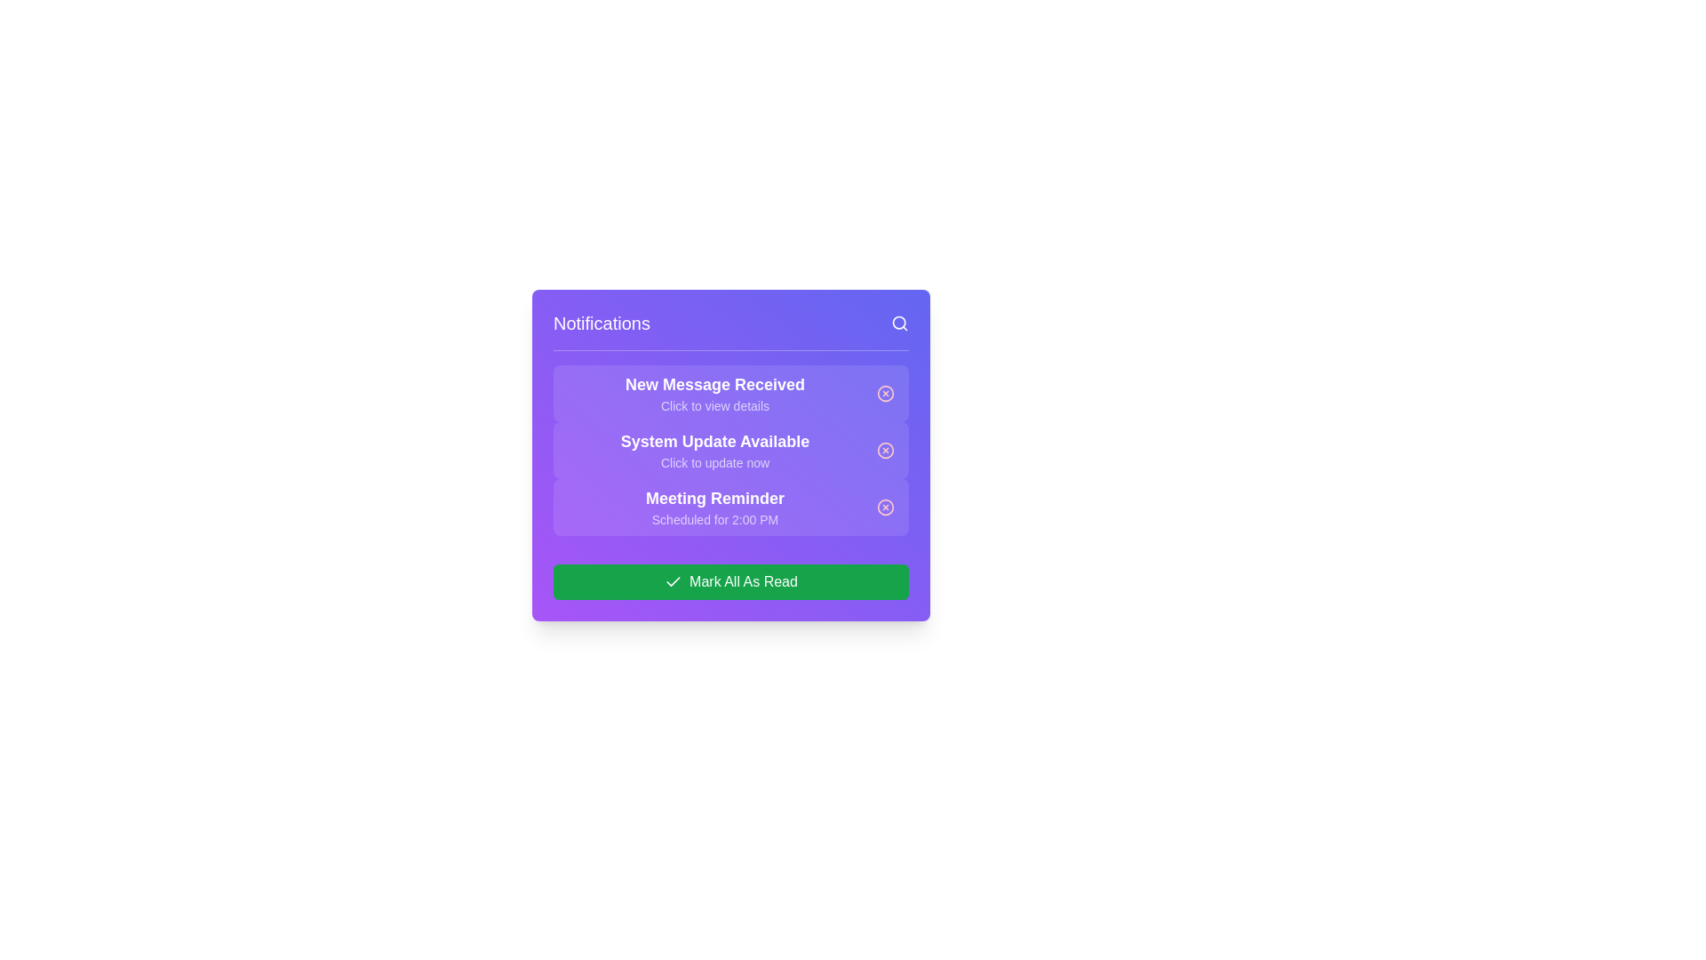 The image size is (1706, 960). Describe the element at coordinates (886, 393) in the screenshot. I see `the graphical circle within the icon that signifies closing or dismissing the notification, located at the far-right side of the 'New Message Received' notification item` at that location.